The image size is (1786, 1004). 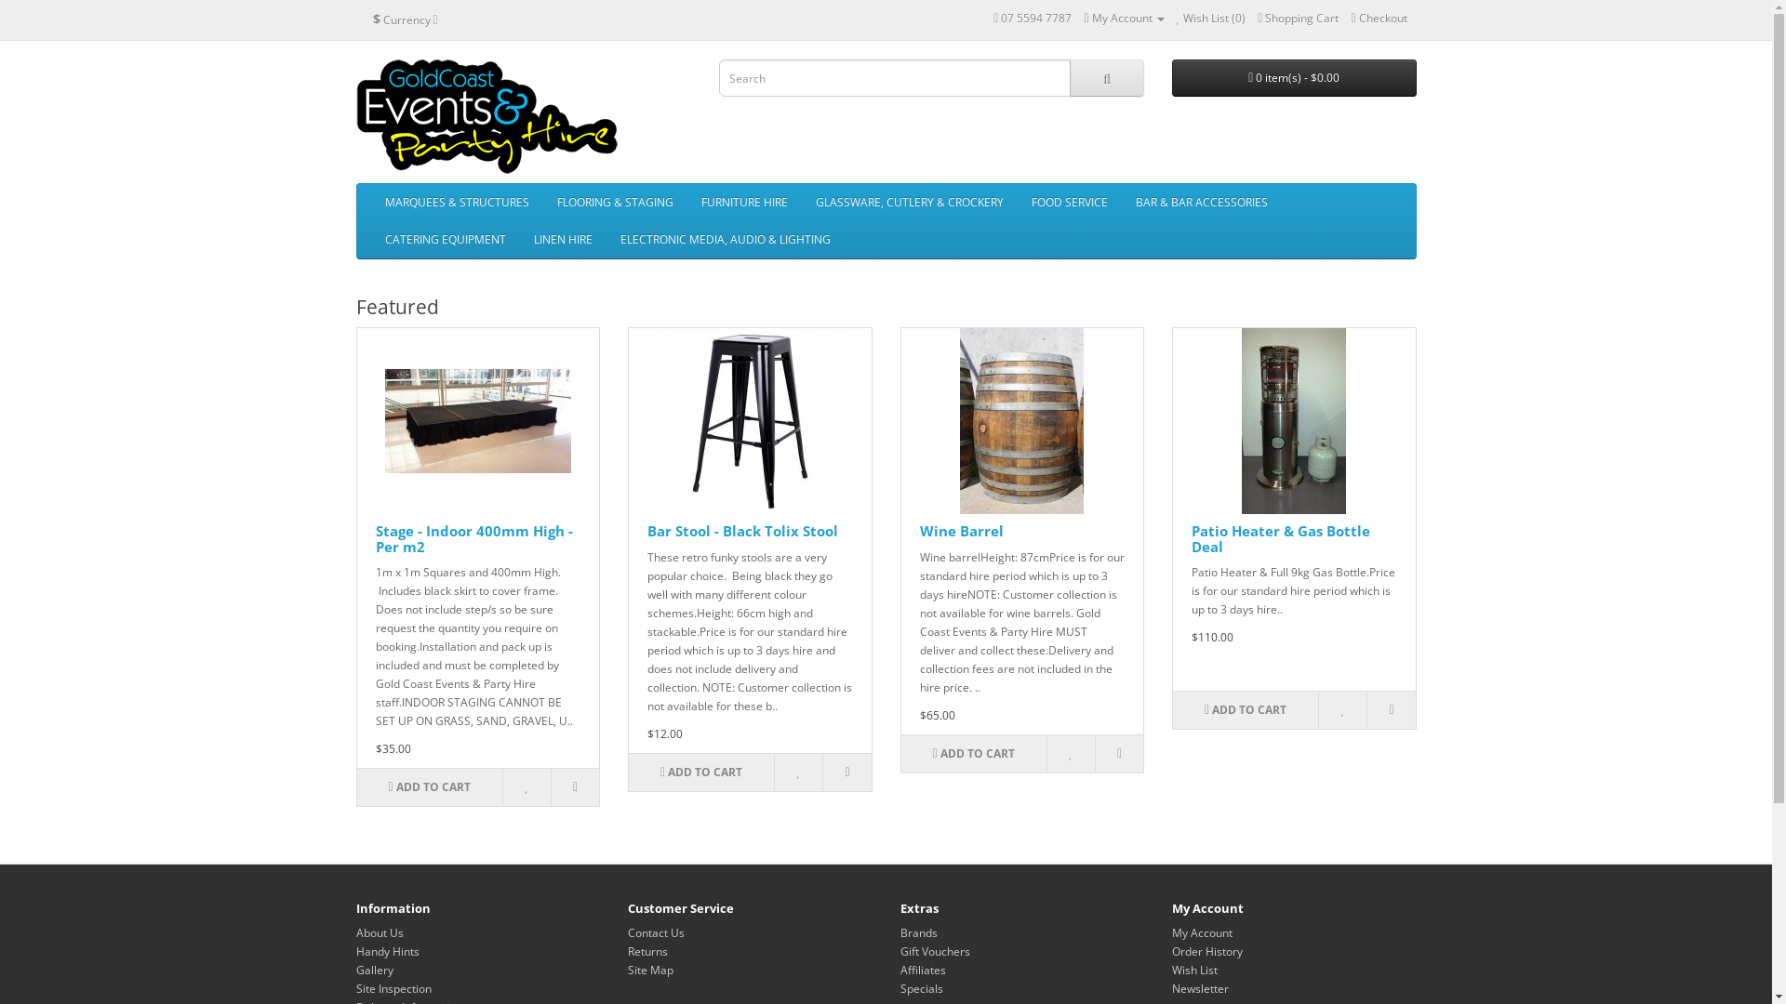 What do you see at coordinates (921, 987) in the screenshot?
I see `'Specials'` at bounding box center [921, 987].